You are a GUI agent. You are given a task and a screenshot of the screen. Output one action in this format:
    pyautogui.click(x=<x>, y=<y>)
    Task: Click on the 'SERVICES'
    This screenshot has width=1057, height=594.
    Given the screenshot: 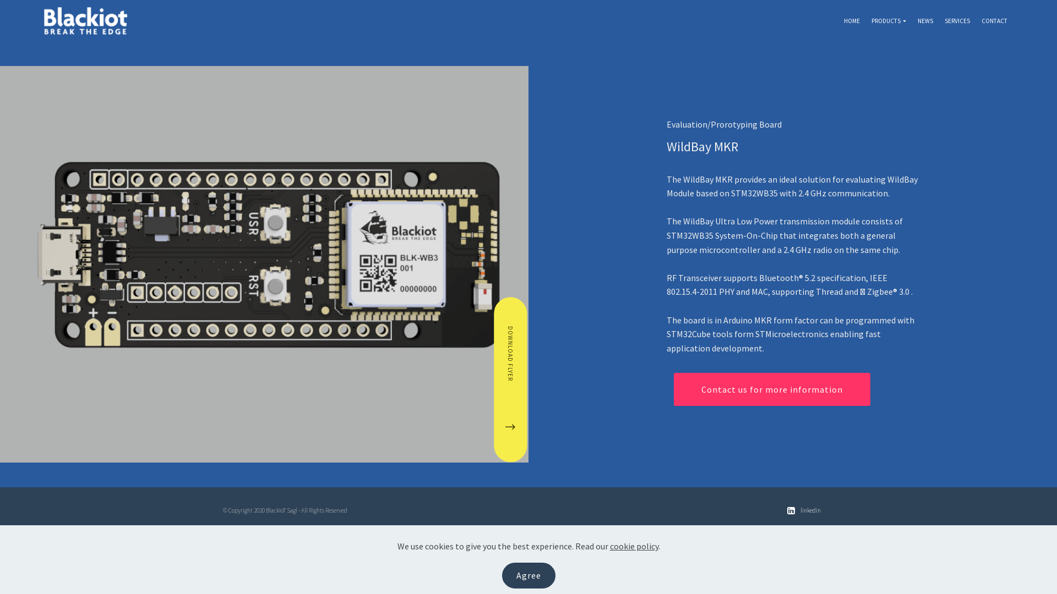 What is the action you would take?
    pyautogui.click(x=944, y=21)
    